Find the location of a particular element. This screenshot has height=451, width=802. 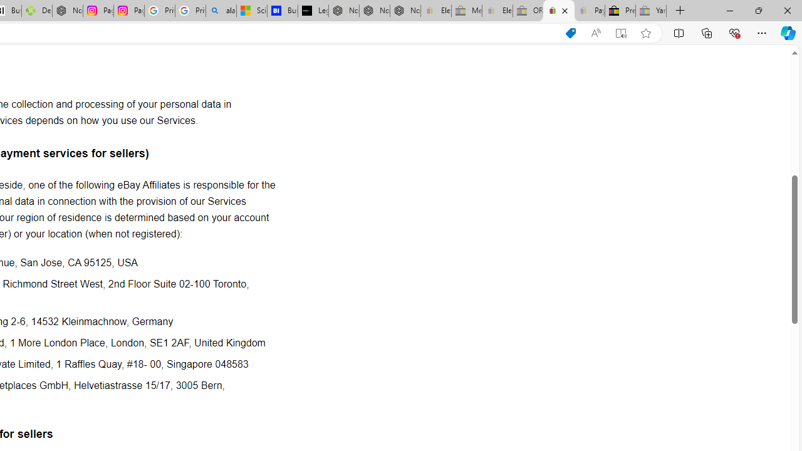

'alabama high school quarterback dies - Search' is located at coordinates (221, 11).